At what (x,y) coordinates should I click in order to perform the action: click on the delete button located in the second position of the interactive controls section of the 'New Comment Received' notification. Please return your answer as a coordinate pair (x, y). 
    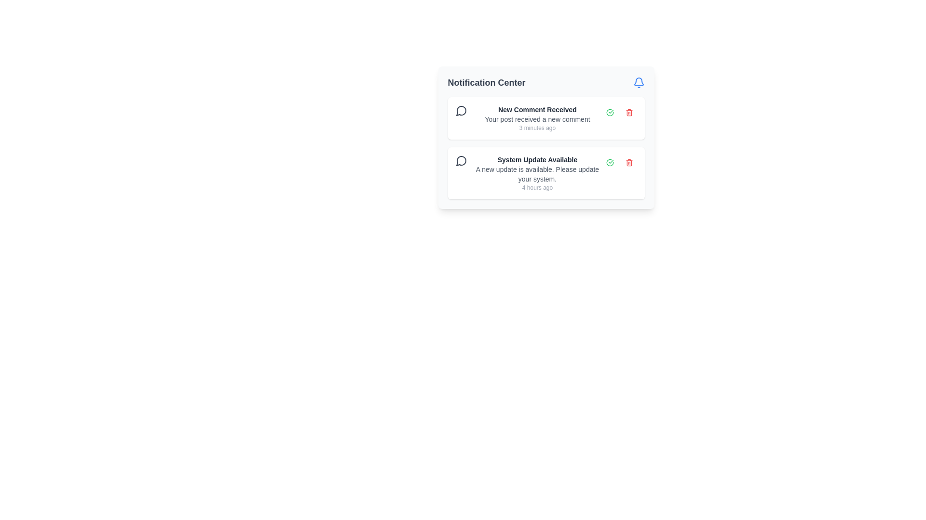
    Looking at the image, I should click on (629, 112).